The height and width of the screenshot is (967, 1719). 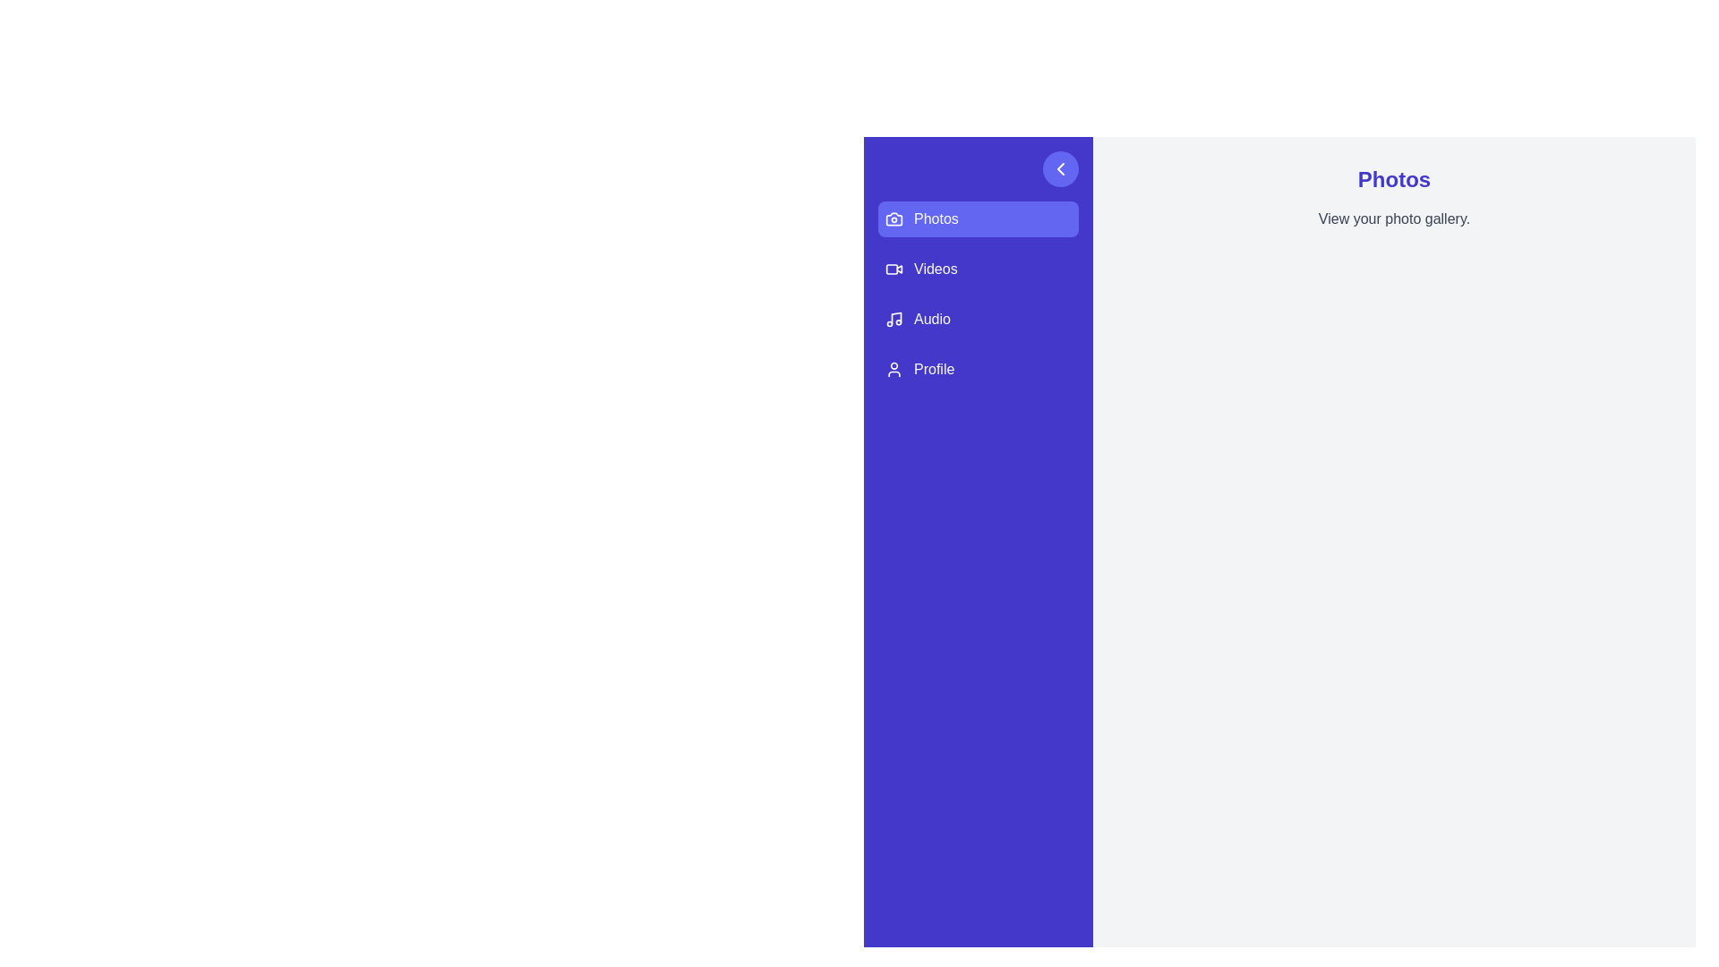 What do you see at coordinates (892, 269) in the screenshot?
I see `the rounded rectangle icon representing 'Videos' in the left-hand navigation menu` at bounding box center [892, 269].